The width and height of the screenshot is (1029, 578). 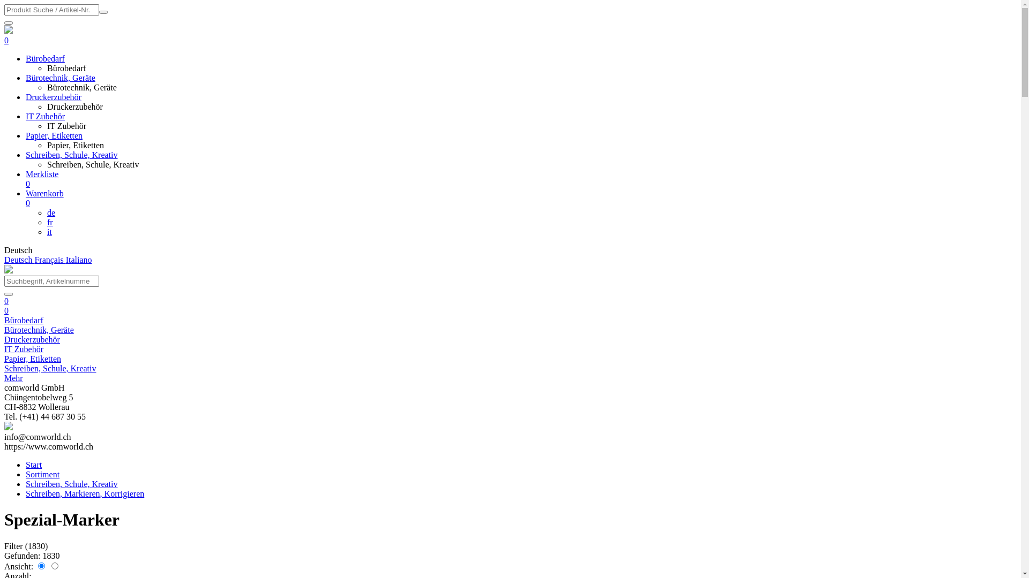 What do you see at coordinates (84, 493) in the screenshot?
I see `'Schreiben, Markieren, Korrigieren'` at bounding box center [84, 493].